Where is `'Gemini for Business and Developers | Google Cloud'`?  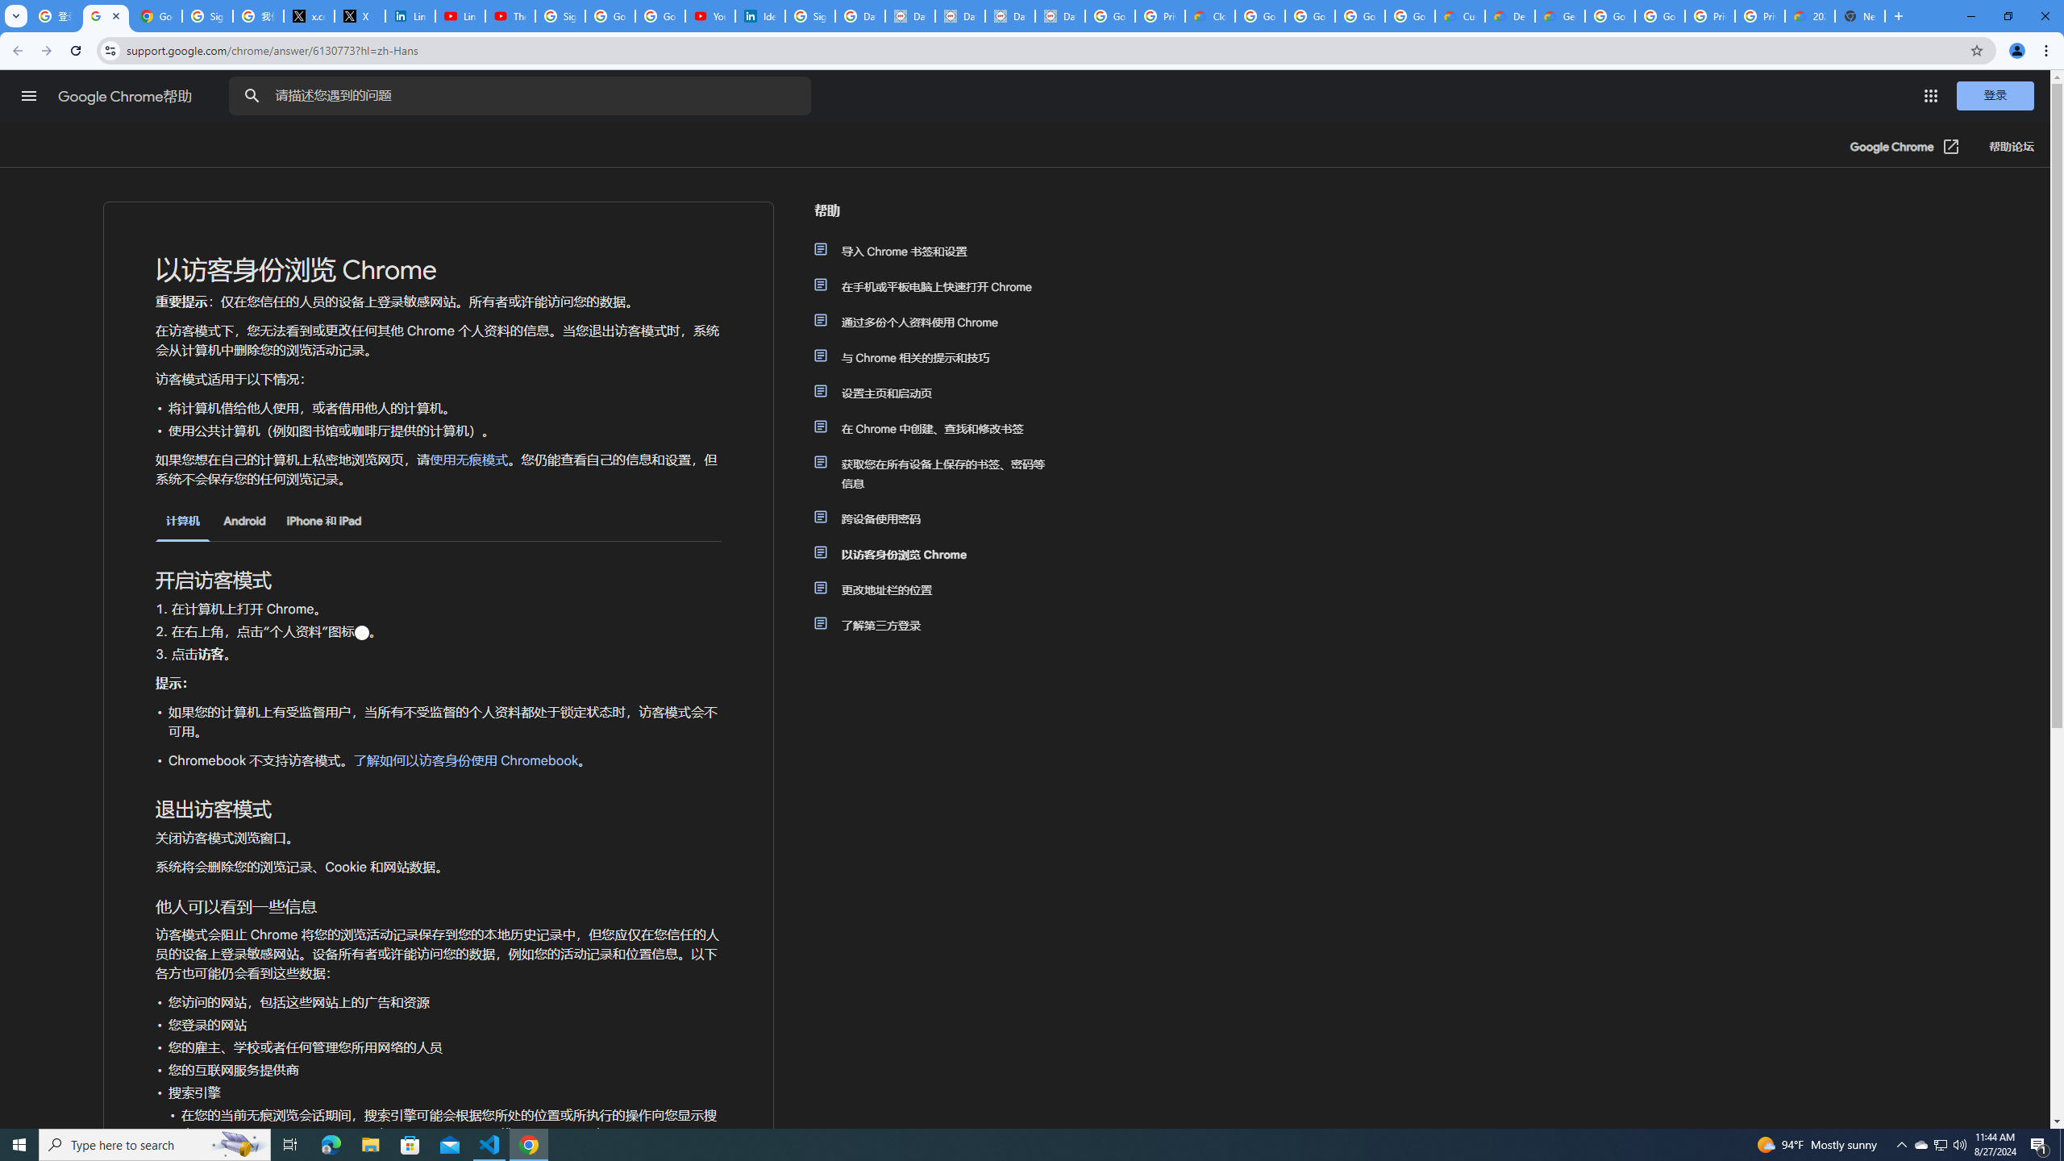
'Gemini for Business and Developers | Google Cloud' is located at coordinates (1558, 15).